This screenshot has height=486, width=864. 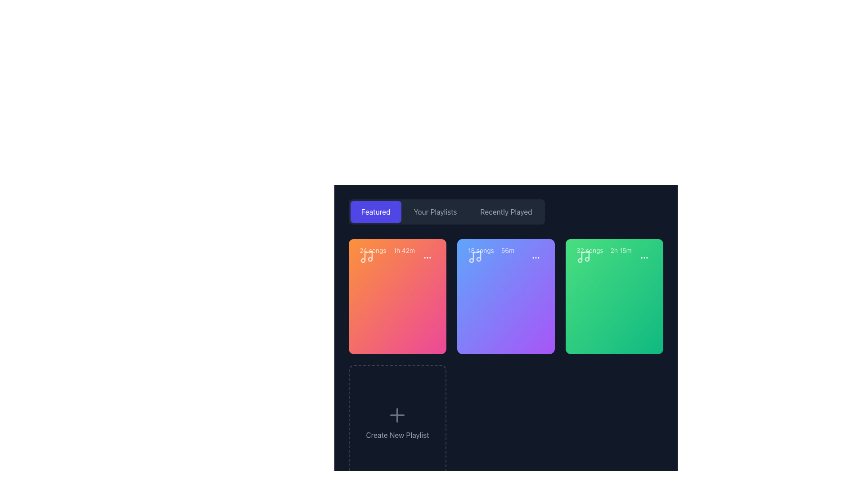 I want to click on the 'Your Playlists' button in the navigation bar, so click(x=435, y=211).